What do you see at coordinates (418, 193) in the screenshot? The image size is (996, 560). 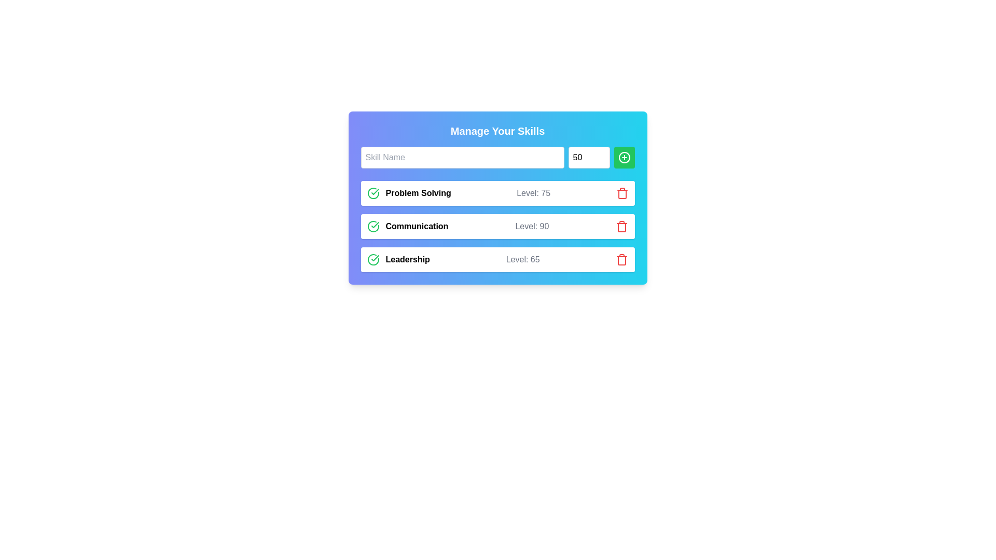 I see `the 'Problem Solving' skill label in the 'Manage Your Skills' section` at bounding box center [418, 193].